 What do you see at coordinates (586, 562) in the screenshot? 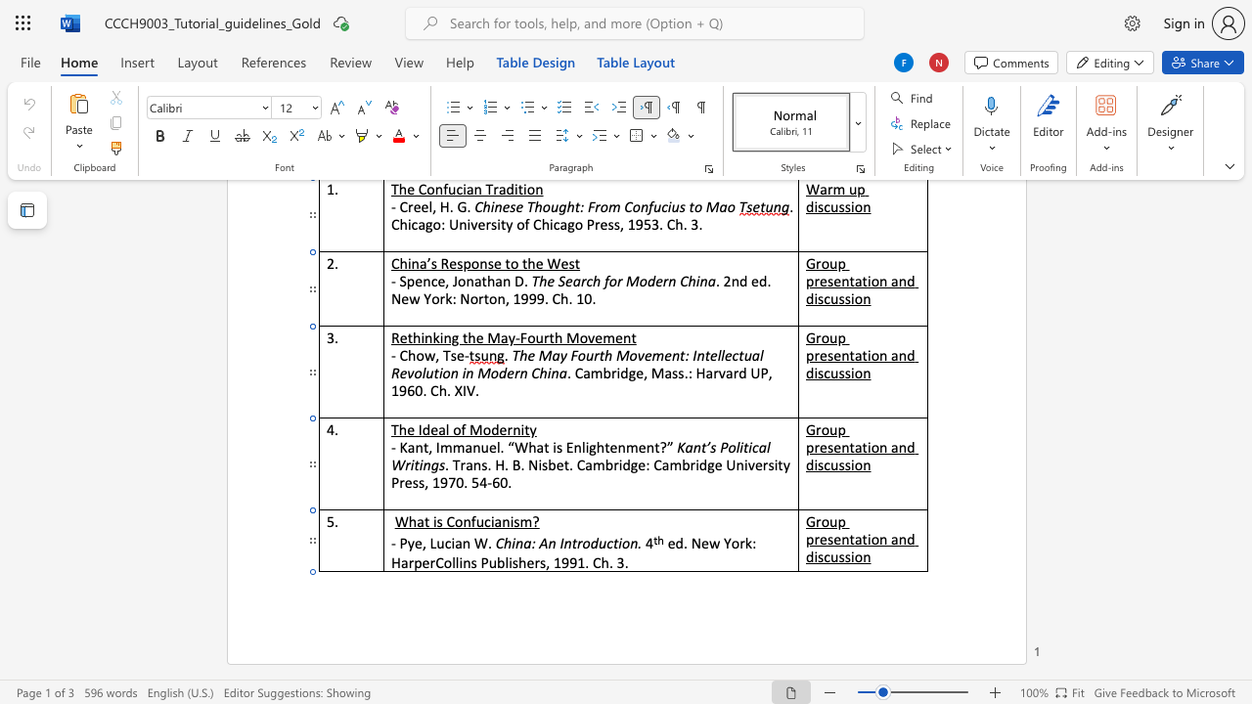
I see `the 1th character "." in the text` at bounding box center [586, 562].